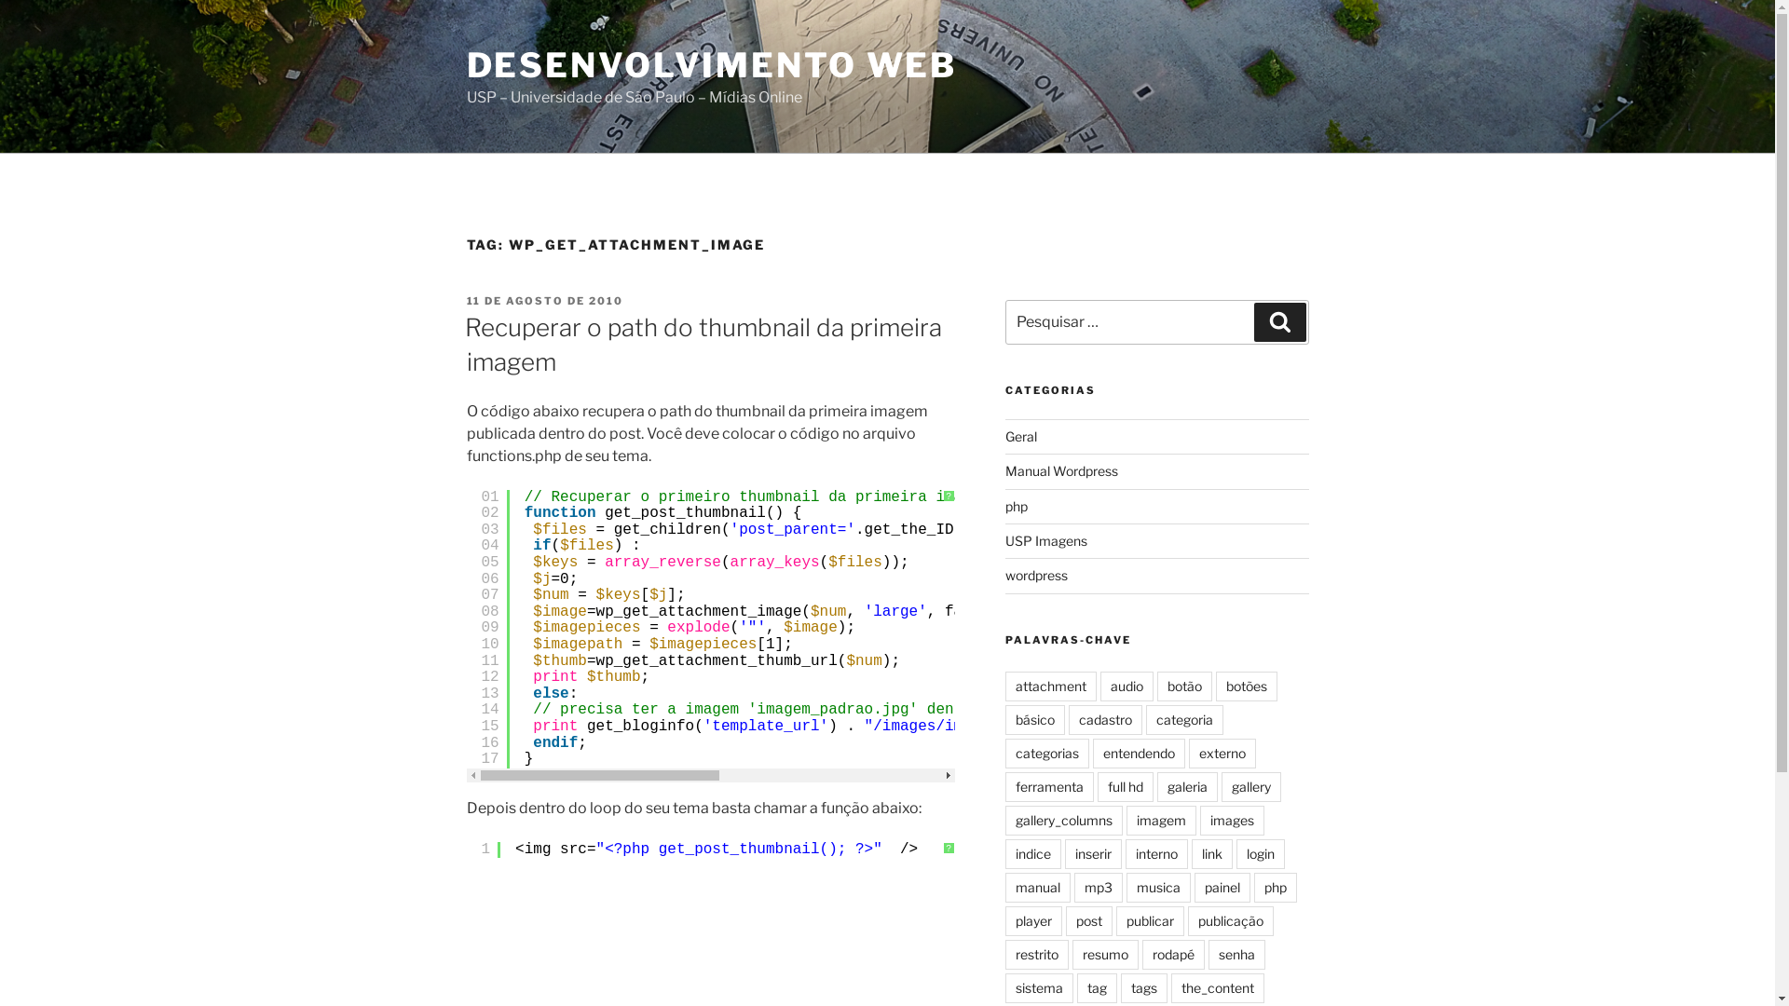 This screenshot has width=1789, height=1006. What do you see at coordinates (1183, 718) in the screenshot?
I see `'categoria'` at bounding box center [1183, 718].